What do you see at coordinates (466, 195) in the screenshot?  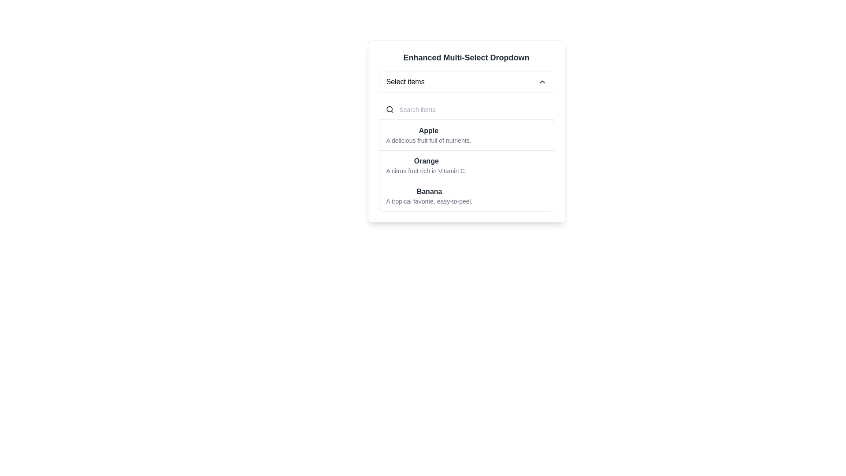 I see `to select the list item displaying 'Banana' in bold followed by 'A tropical favorite, easy-to-peel.'` at bounding box center [466, 195].